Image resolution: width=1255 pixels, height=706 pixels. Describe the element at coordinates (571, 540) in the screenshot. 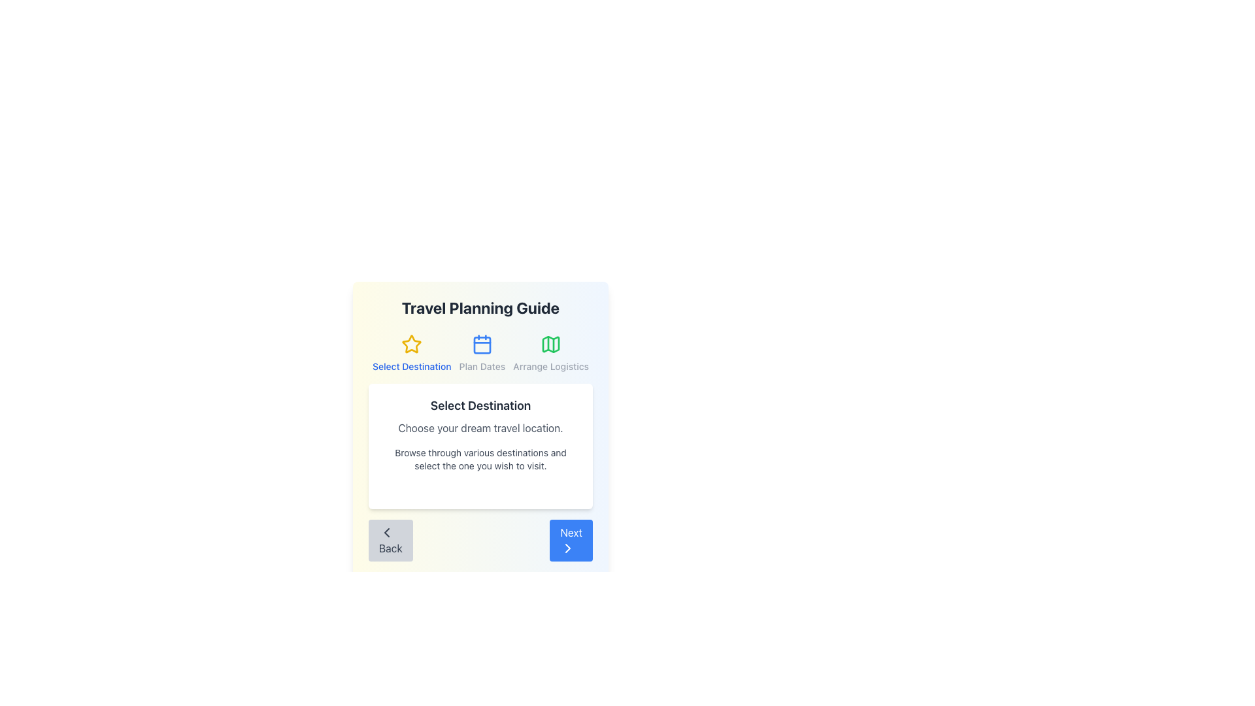

I see `the 'Next' button, which is a rectangular button with rounded corners, blue background, and white text, located at the bottom right corner of the navigation section` at that location.